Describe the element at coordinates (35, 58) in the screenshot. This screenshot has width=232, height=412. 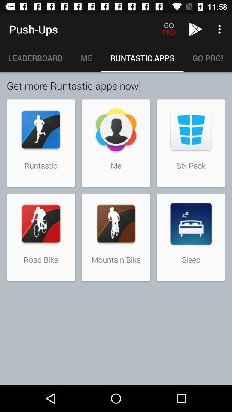
I see `the item below push-ups` at that location.